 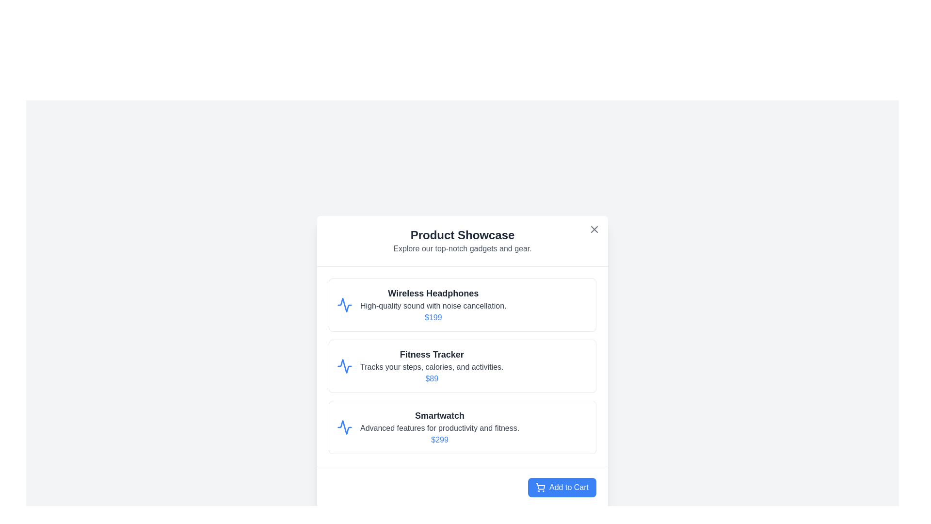 What do you see at coordinates (431, 355) in the screenshot?
I see `text displayed in the title of the product, which is centrally located within the middle card of the list` at bounding box center [431, 355].